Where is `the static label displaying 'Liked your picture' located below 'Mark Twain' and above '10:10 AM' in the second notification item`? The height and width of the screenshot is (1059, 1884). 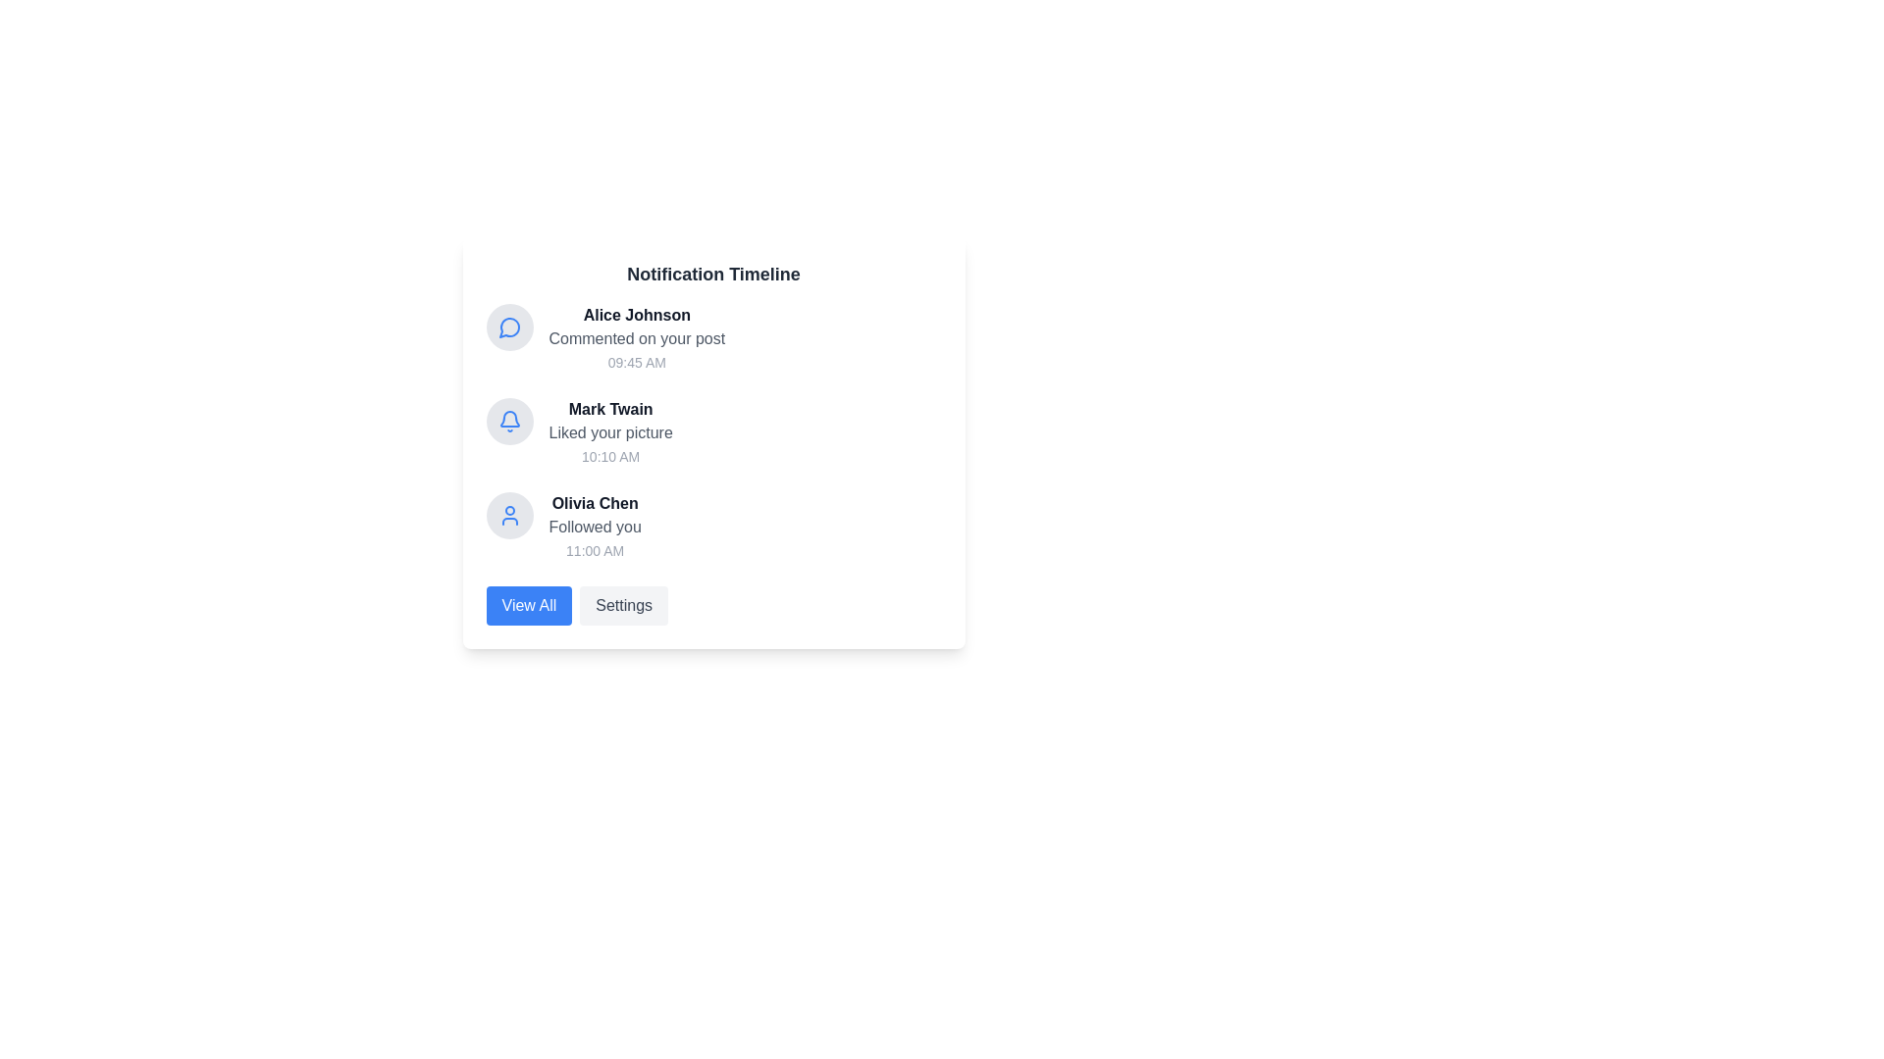
the static label displaying 'Liked your picture' located below 'Mark Twain' and above '10:10 AM' in the second notification item is located at coordinates (609, 432).